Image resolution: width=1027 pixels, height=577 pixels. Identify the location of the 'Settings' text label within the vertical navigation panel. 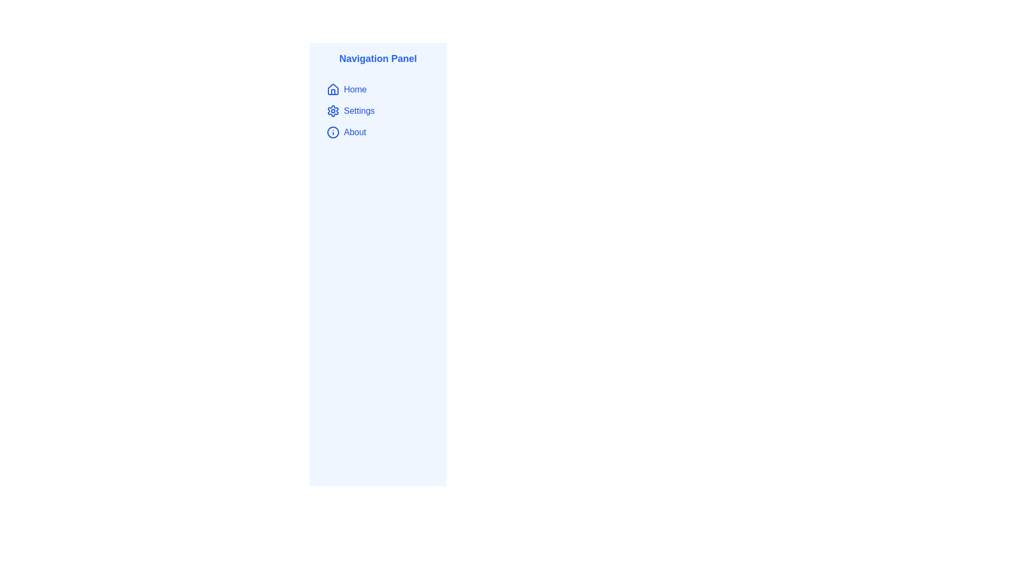
(359, 111).